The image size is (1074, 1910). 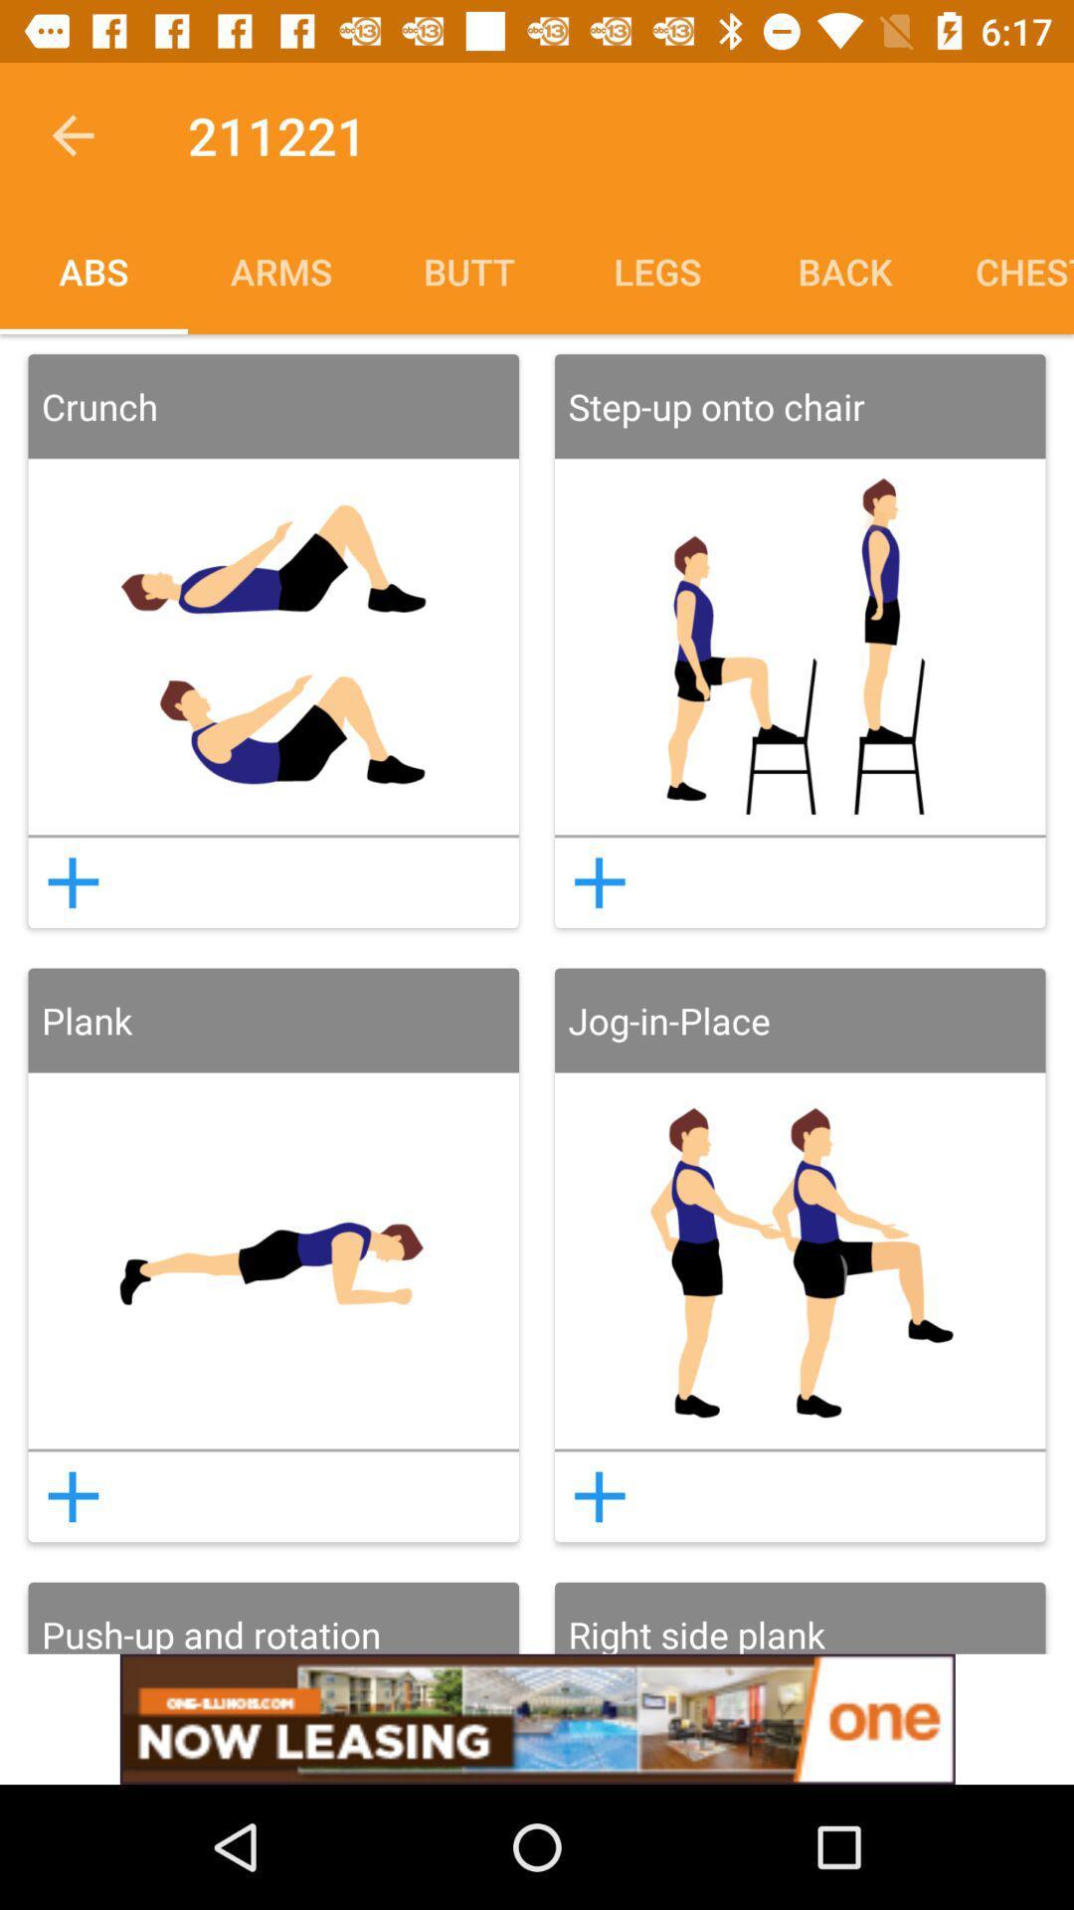 What do you see at coordinates (599, 1496) in the screenshot?
I see `page` at bounding box center [599, 1496].